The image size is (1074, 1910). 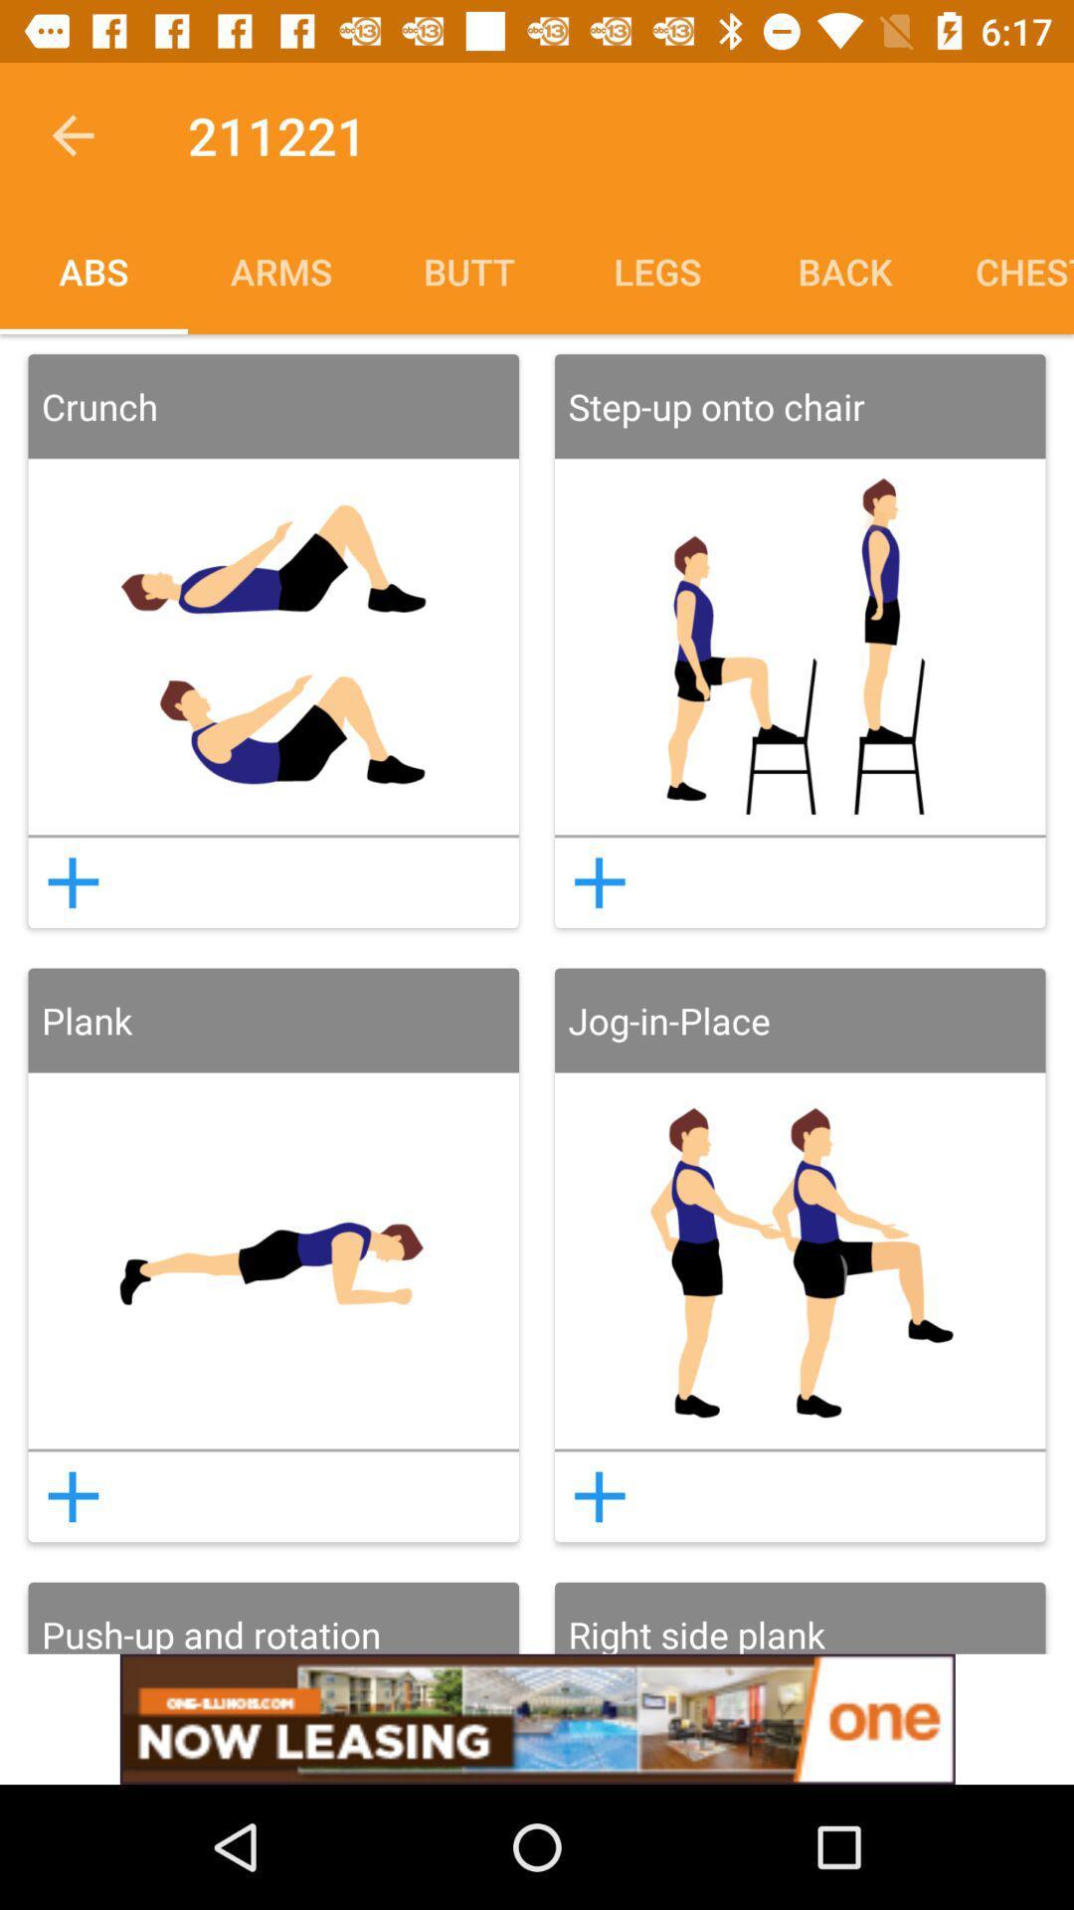 What do you see at coordinates (599, 1496) in the screenshot?
I see `page` at bounding box center [599, 1496].